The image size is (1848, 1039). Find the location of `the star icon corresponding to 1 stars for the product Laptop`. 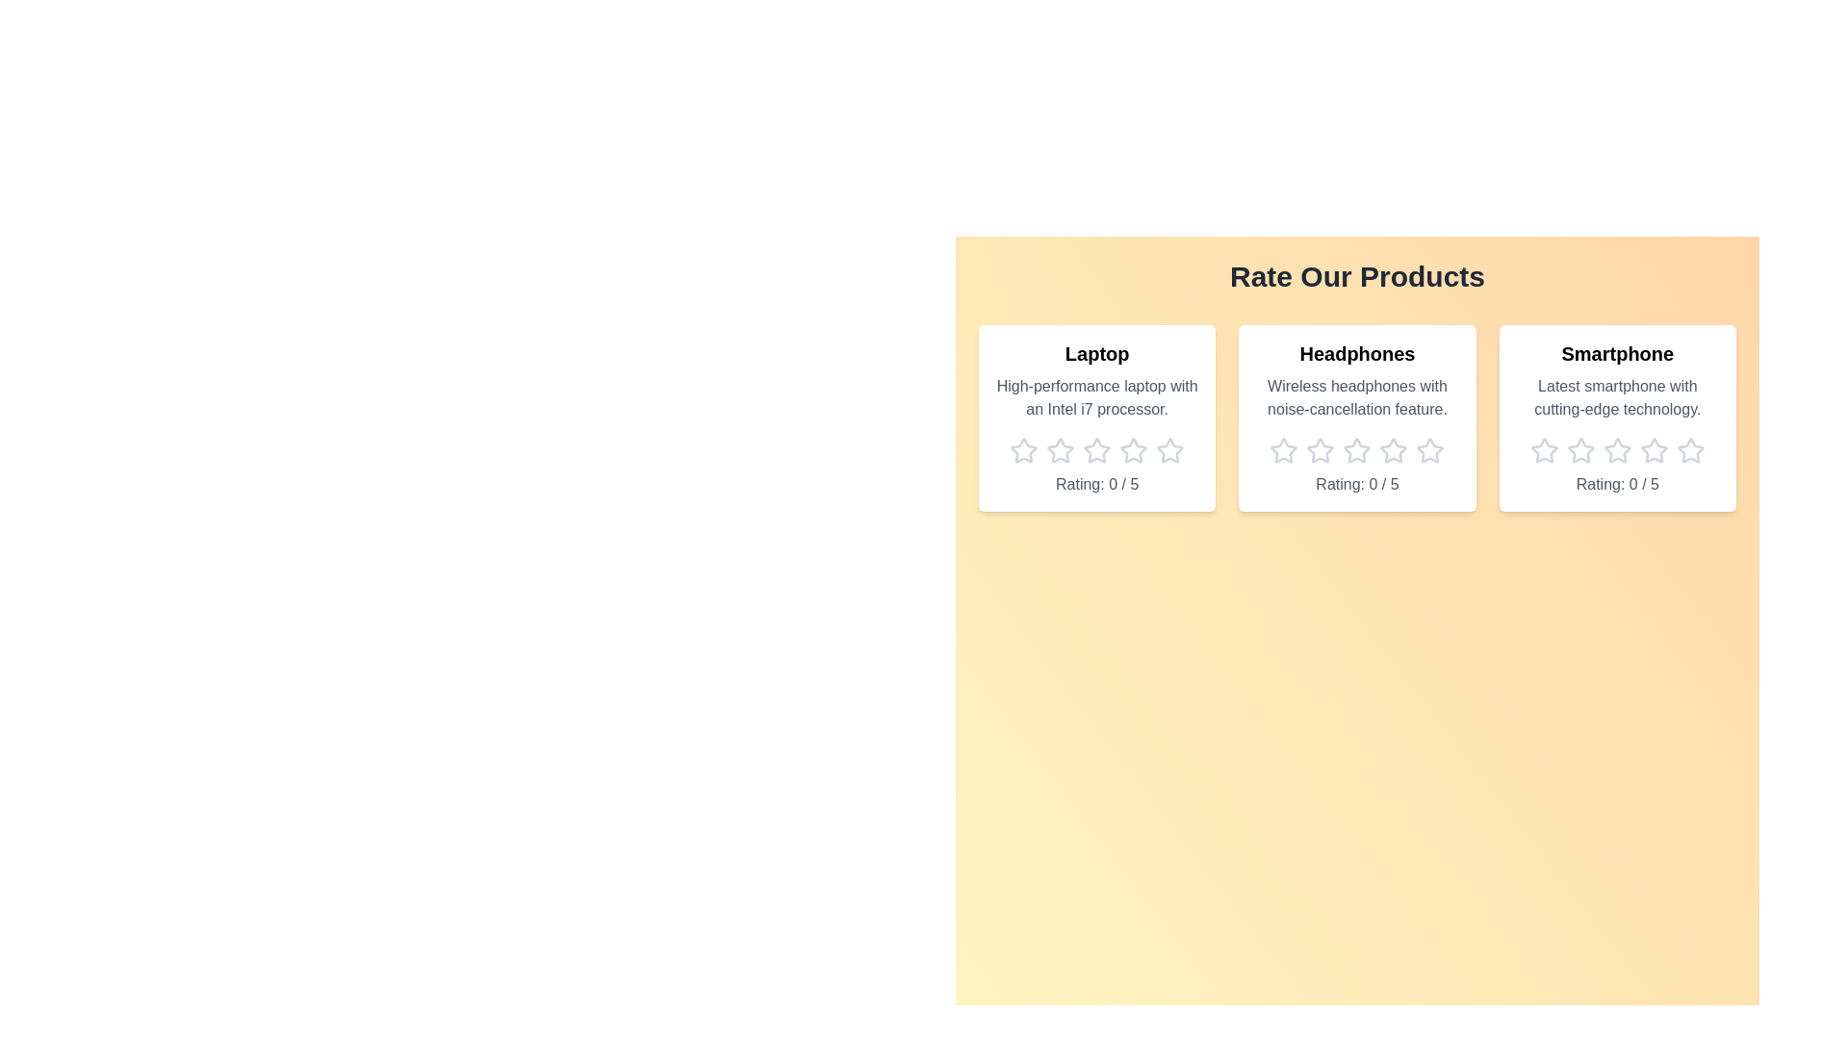

the star icon corresponding to 1 stars for the product Laptop is located at coordinates (1023, 451).